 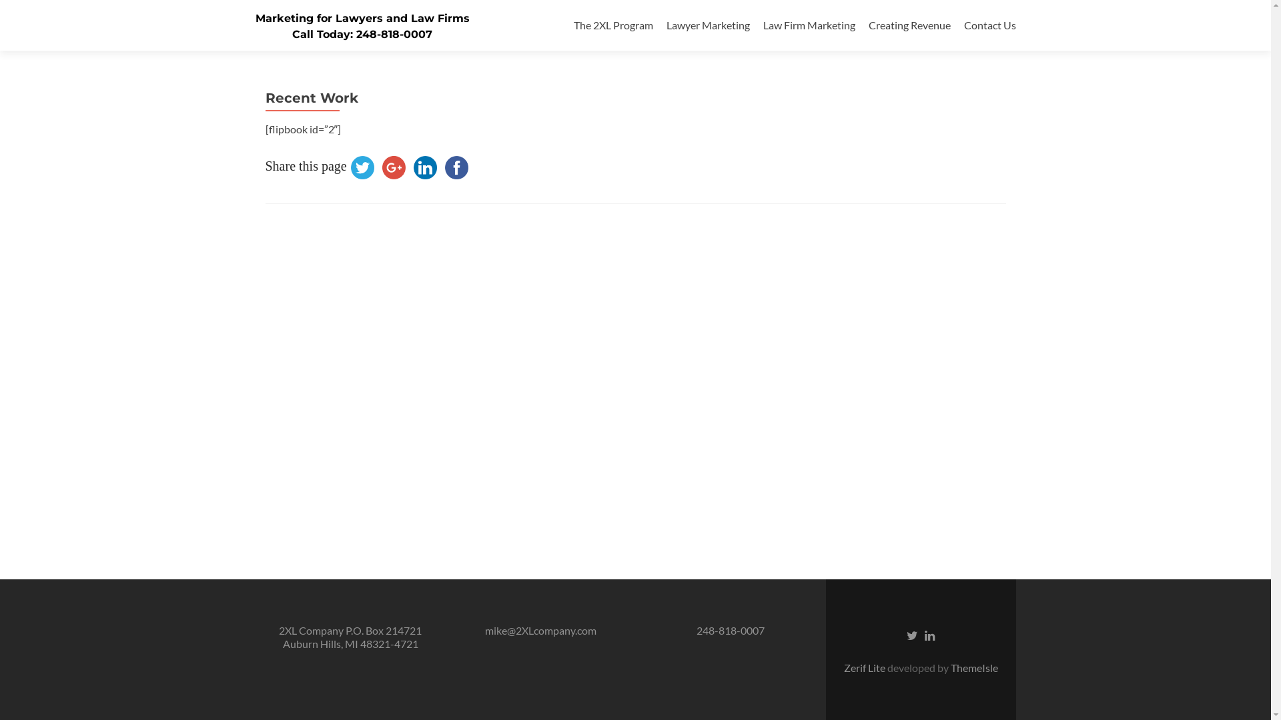 I want to click on 'Twitter link', so click(x=911, y=634).